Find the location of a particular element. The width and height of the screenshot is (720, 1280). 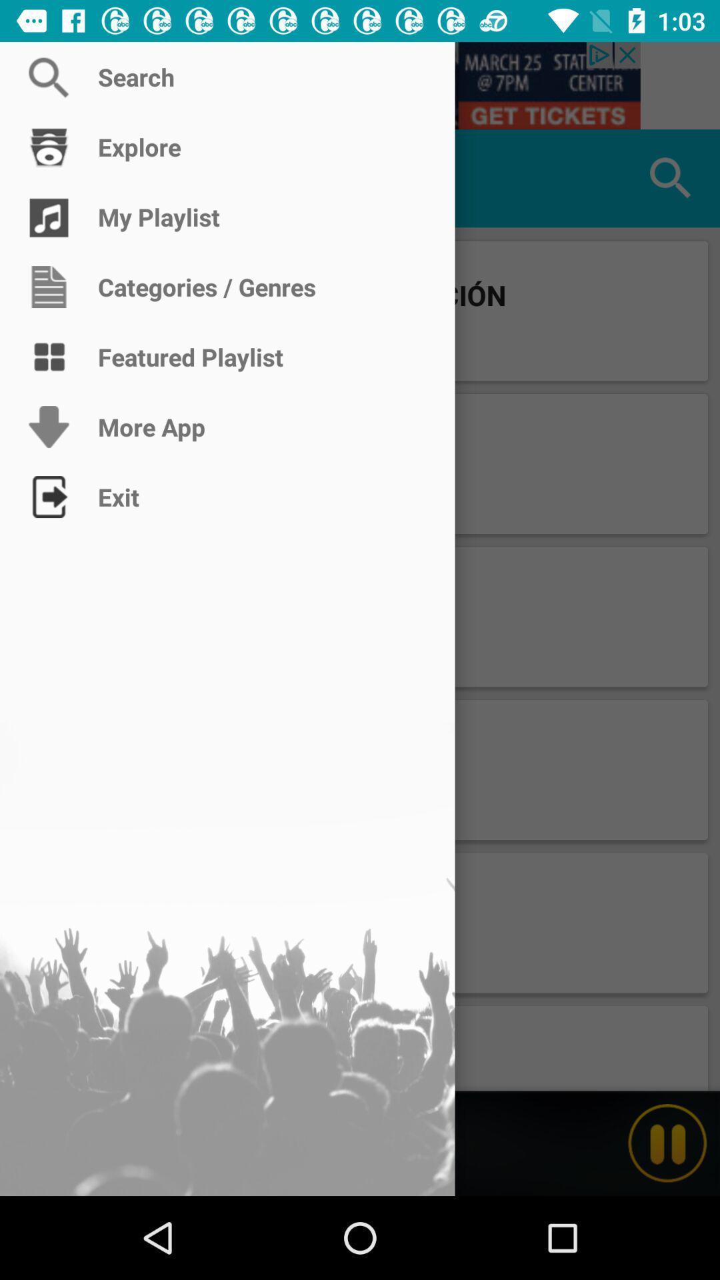

pause video button is located at coordinates (667, 1143).